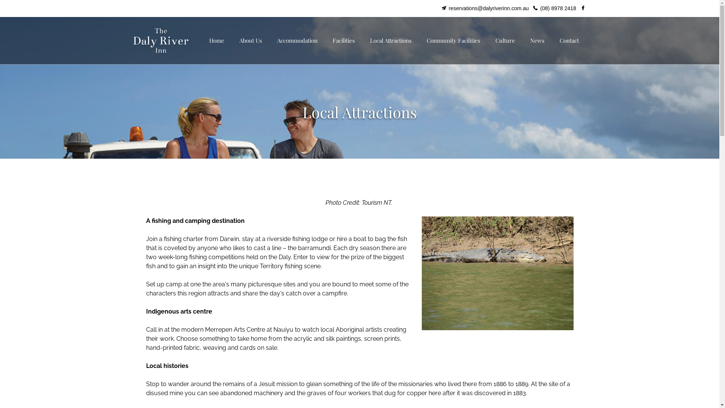  What do you see at coordinates (201, 40) in the screenshot?
I see `'Home'` at bounding box center [201, 40].